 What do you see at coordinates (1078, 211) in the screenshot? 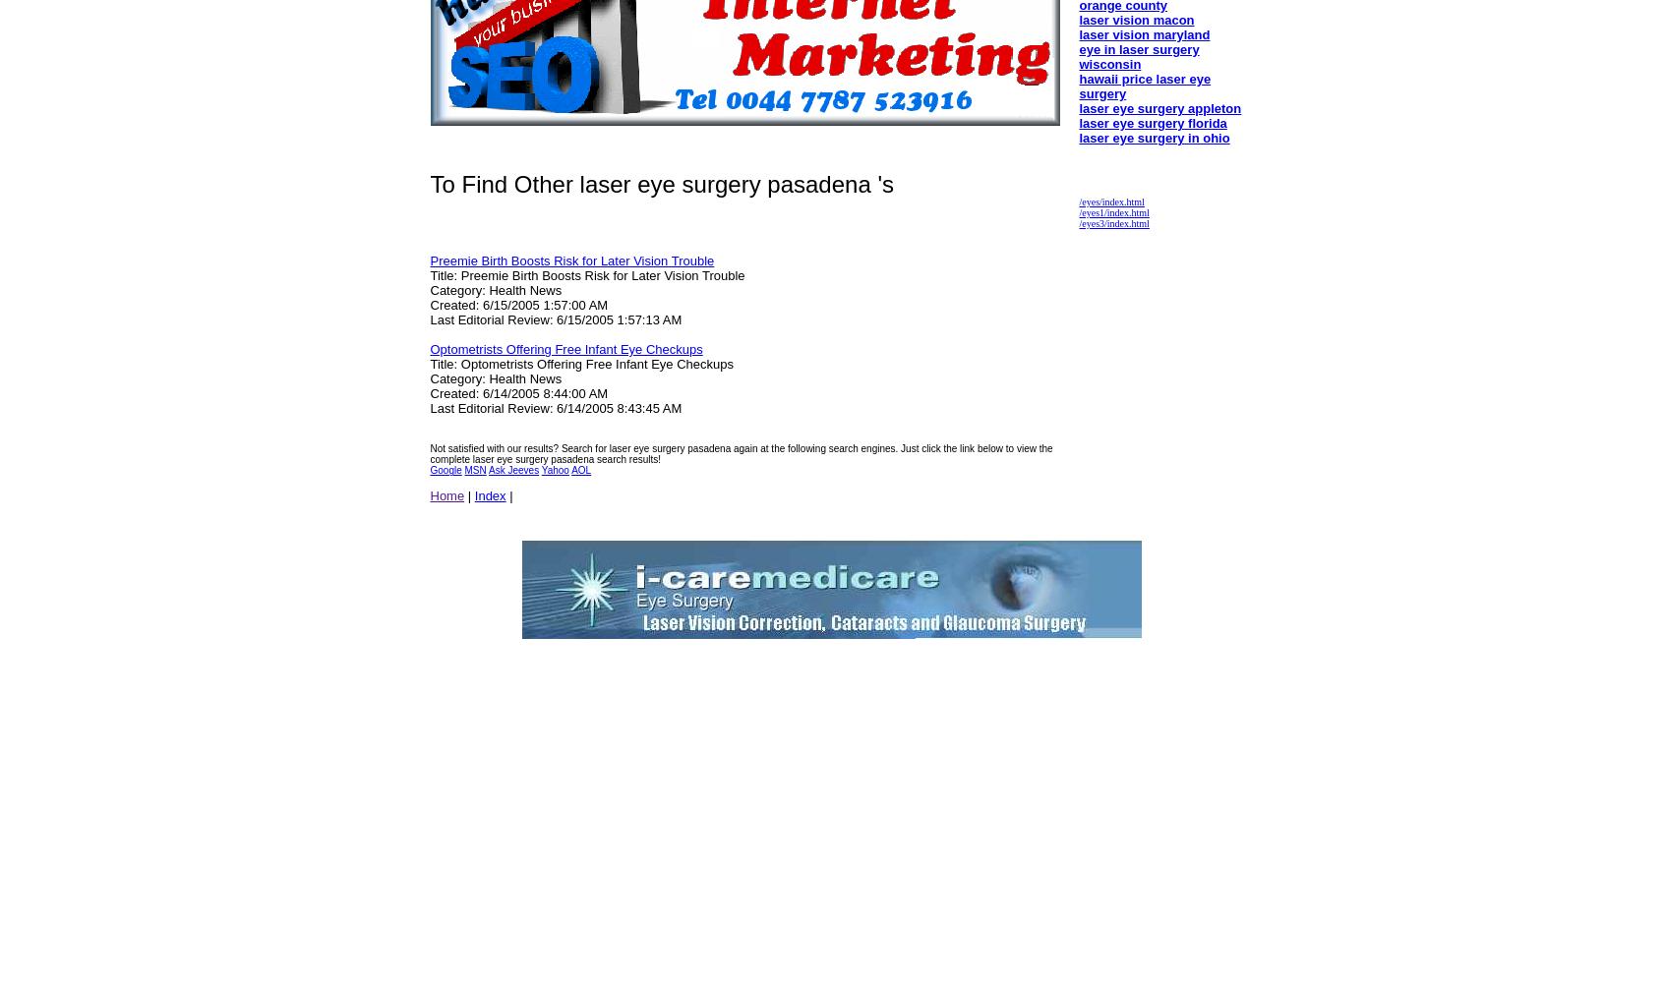
I see `'/eyes1/index.html'` at bounding box center [1078, 211].